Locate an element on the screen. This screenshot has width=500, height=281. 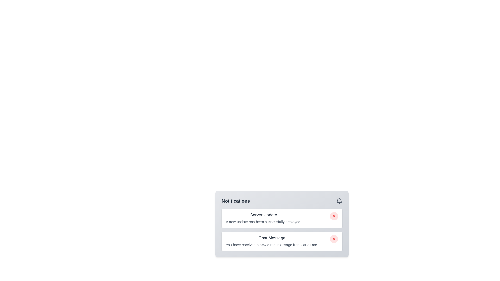
the red 'X' icon button located in the top-right corner of the 'Server Update' notification box is located at coordinates (334, 216).